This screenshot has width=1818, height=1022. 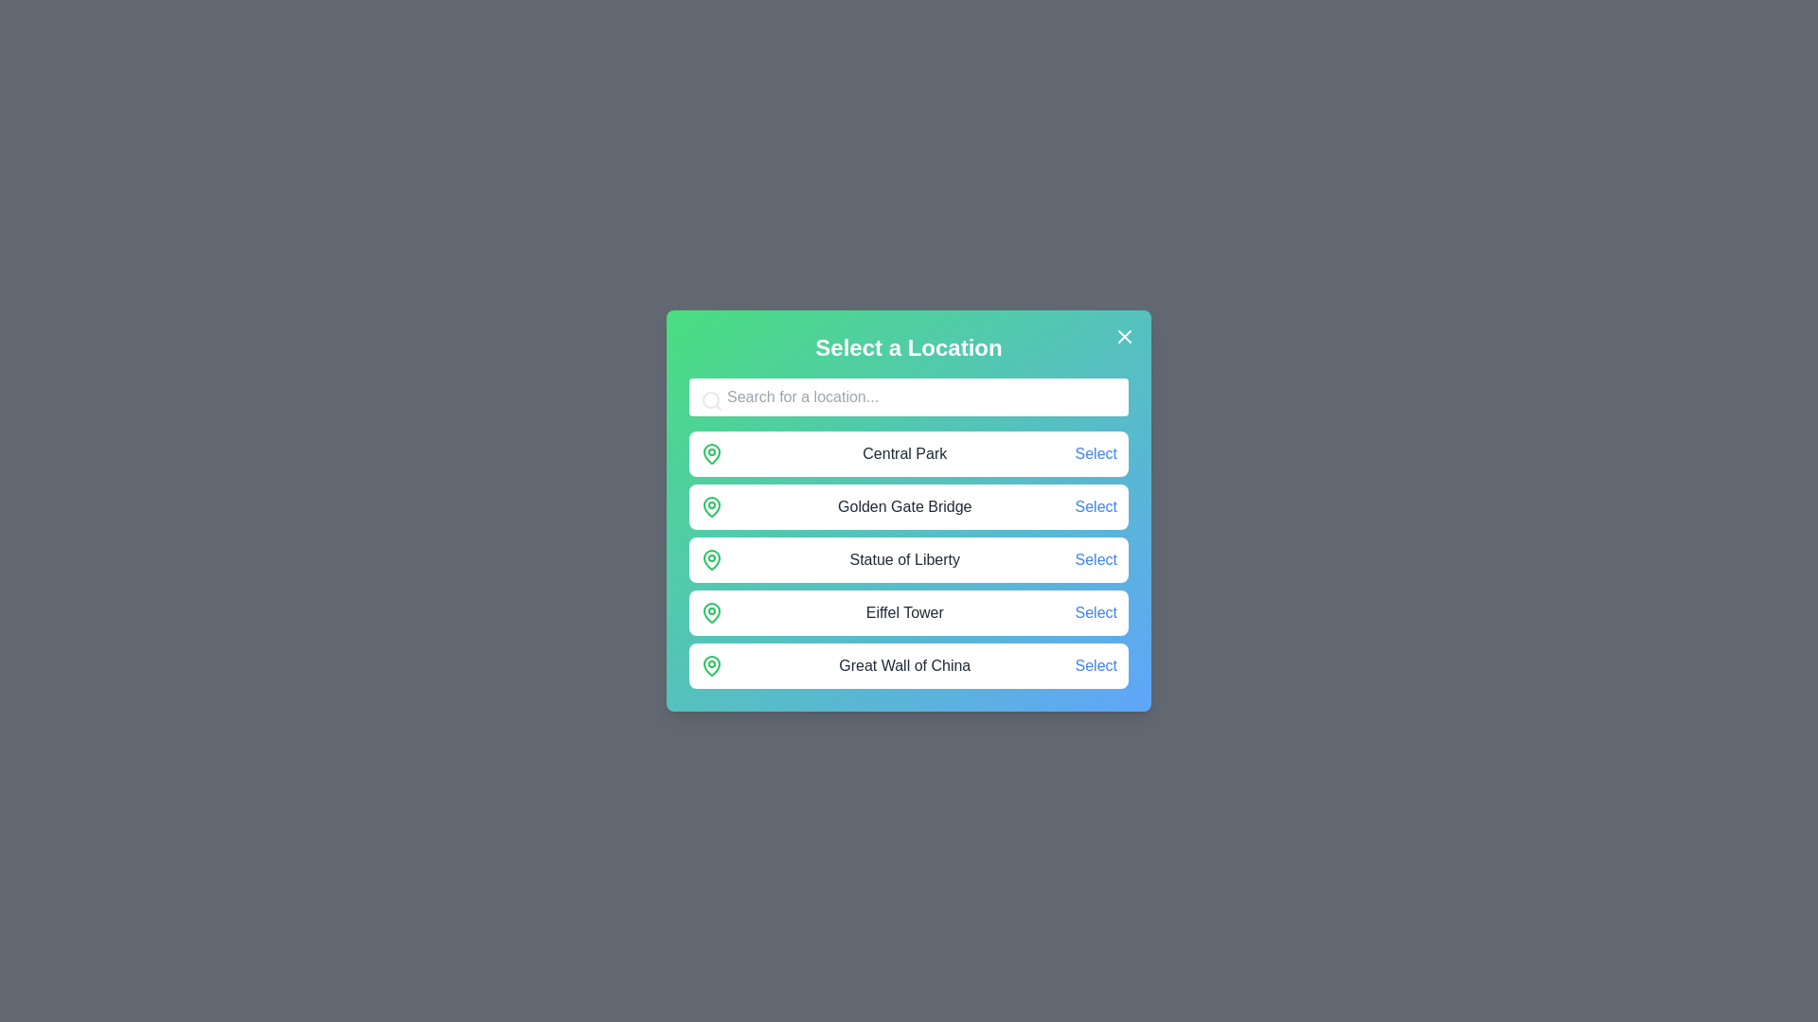 What do you see at coordinates (1096, 558) in the screenshot?
I see `'Select' button corresponding to Statue of Liberty` at bounding box center [1096, 558].